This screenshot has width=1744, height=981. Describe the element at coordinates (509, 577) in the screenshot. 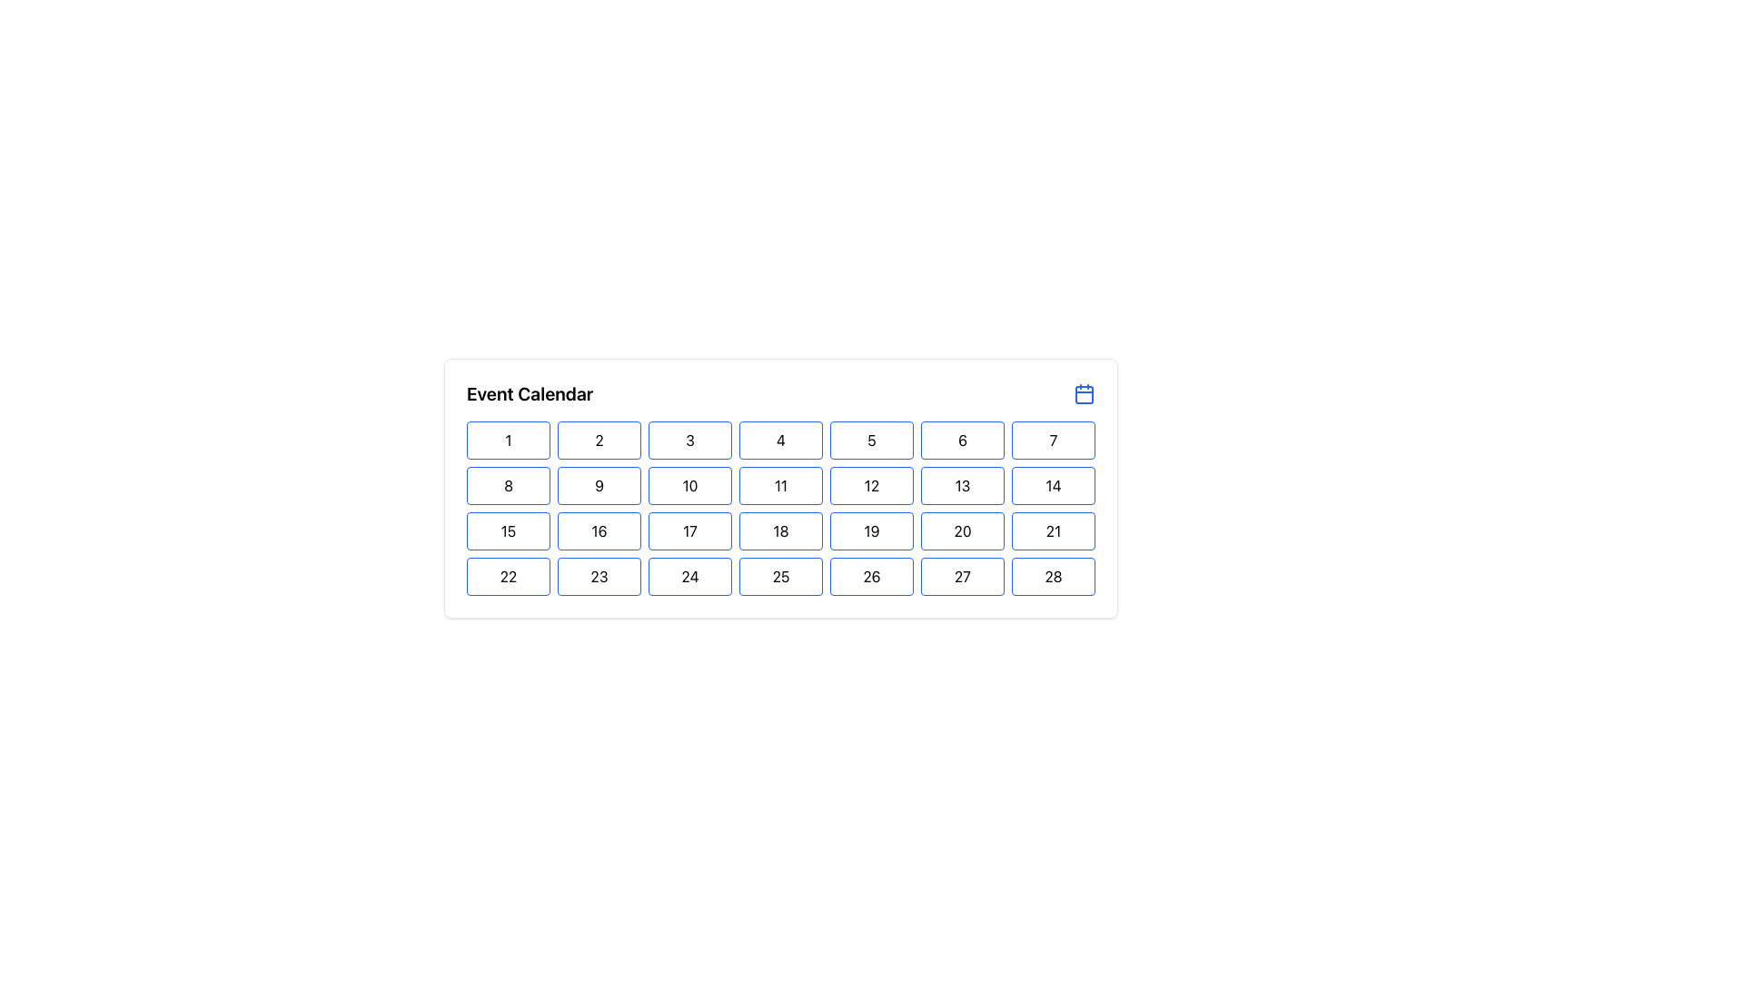

I see `the button representing the 22nd day in the event calendar` at that location.